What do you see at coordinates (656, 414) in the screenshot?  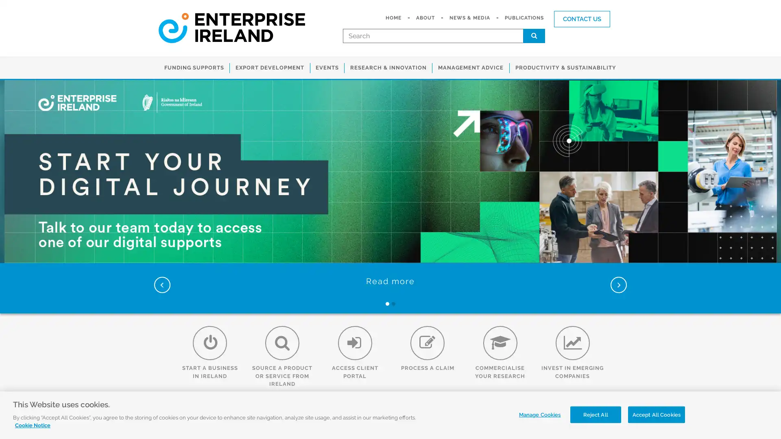 I see `Accept All Cookies` at bounding box center [656, 414].